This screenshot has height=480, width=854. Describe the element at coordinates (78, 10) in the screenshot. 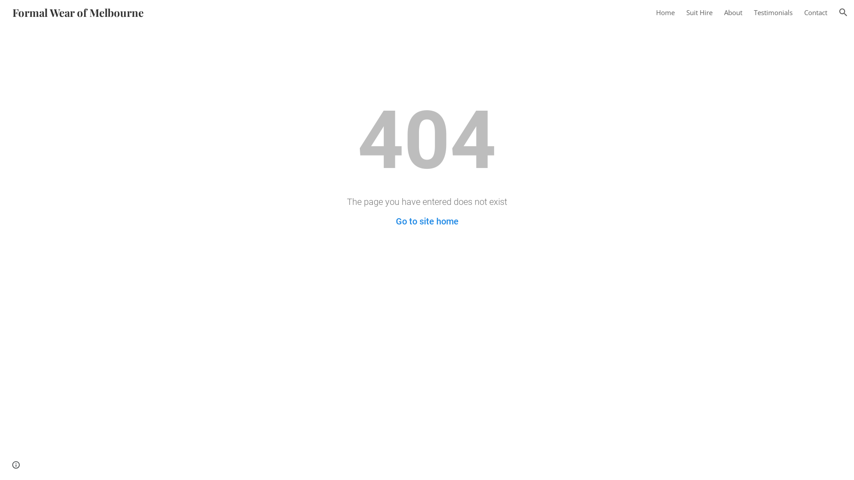

I see `'Formal Wear of Melbourne'` at that location.